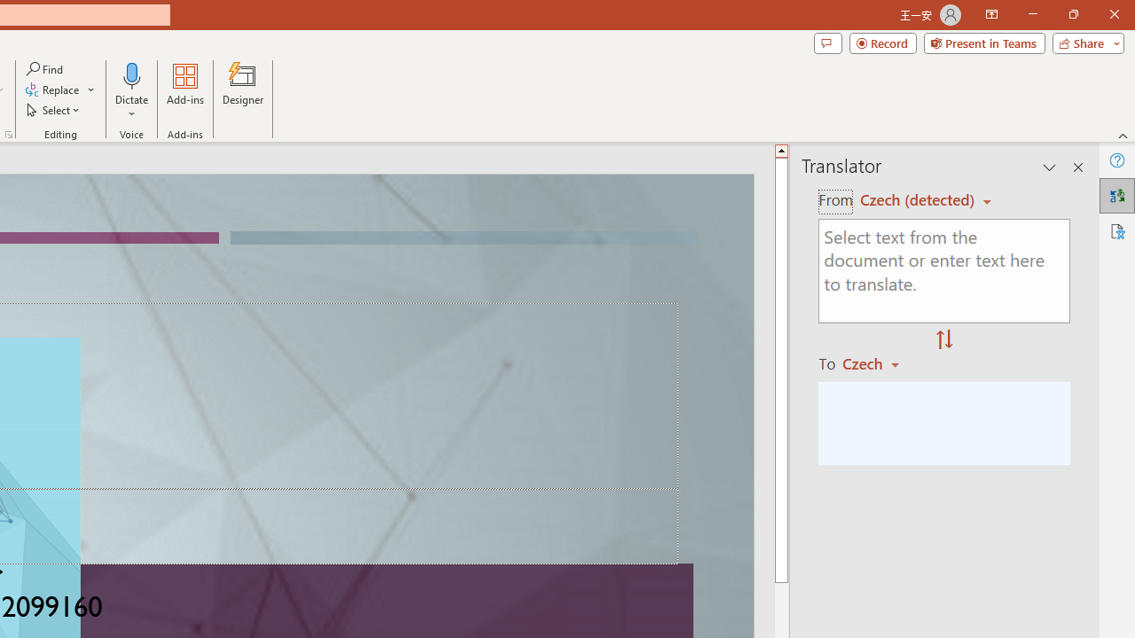 This screenshot has width=1135, height=638. What do you see at coordinates (879, 362) in the screenshot?
I see `'Czech'` at bounding box center [879, 362].